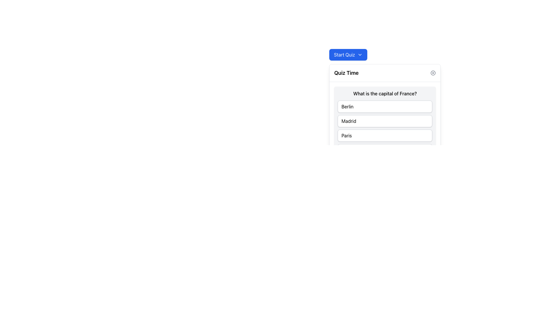 The width and height of the screenshot is (557, 313). What do you see at coordinates (359, 55) in the screenshot?
I see `the downward-pointing chevron icon located within the 'Start Quiz' button, which has a clean, minimalistic design and is positioned on the right side of the button's text` at bounding box center [359, 55].